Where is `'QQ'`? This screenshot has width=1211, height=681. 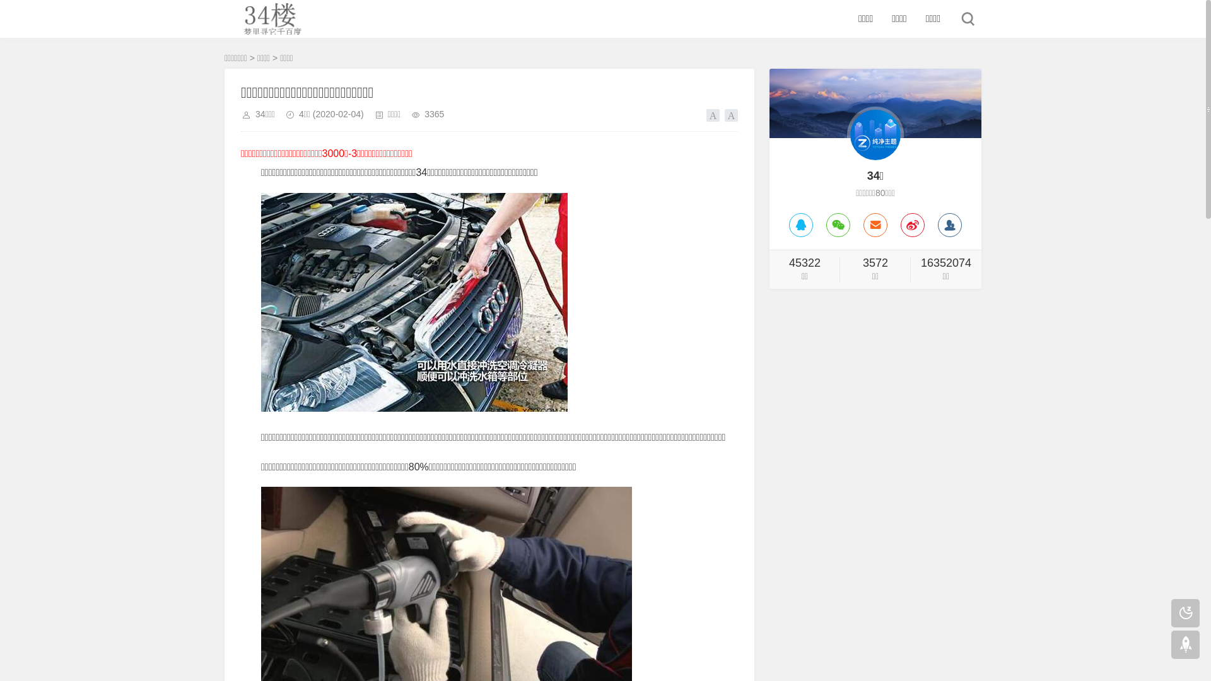
'QQ' is located at coordinates (788, 224).